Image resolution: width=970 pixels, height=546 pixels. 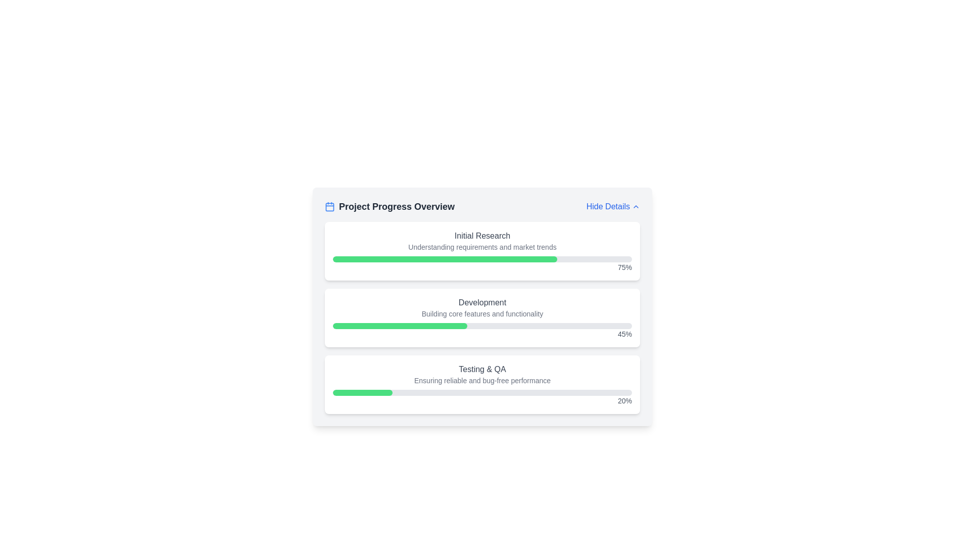 I want to click on the Toggle Link (Text with Icon) to underline the text, which is located at the far-right side of the 'Project Progress Overview' section, so click(x=612, y=206).